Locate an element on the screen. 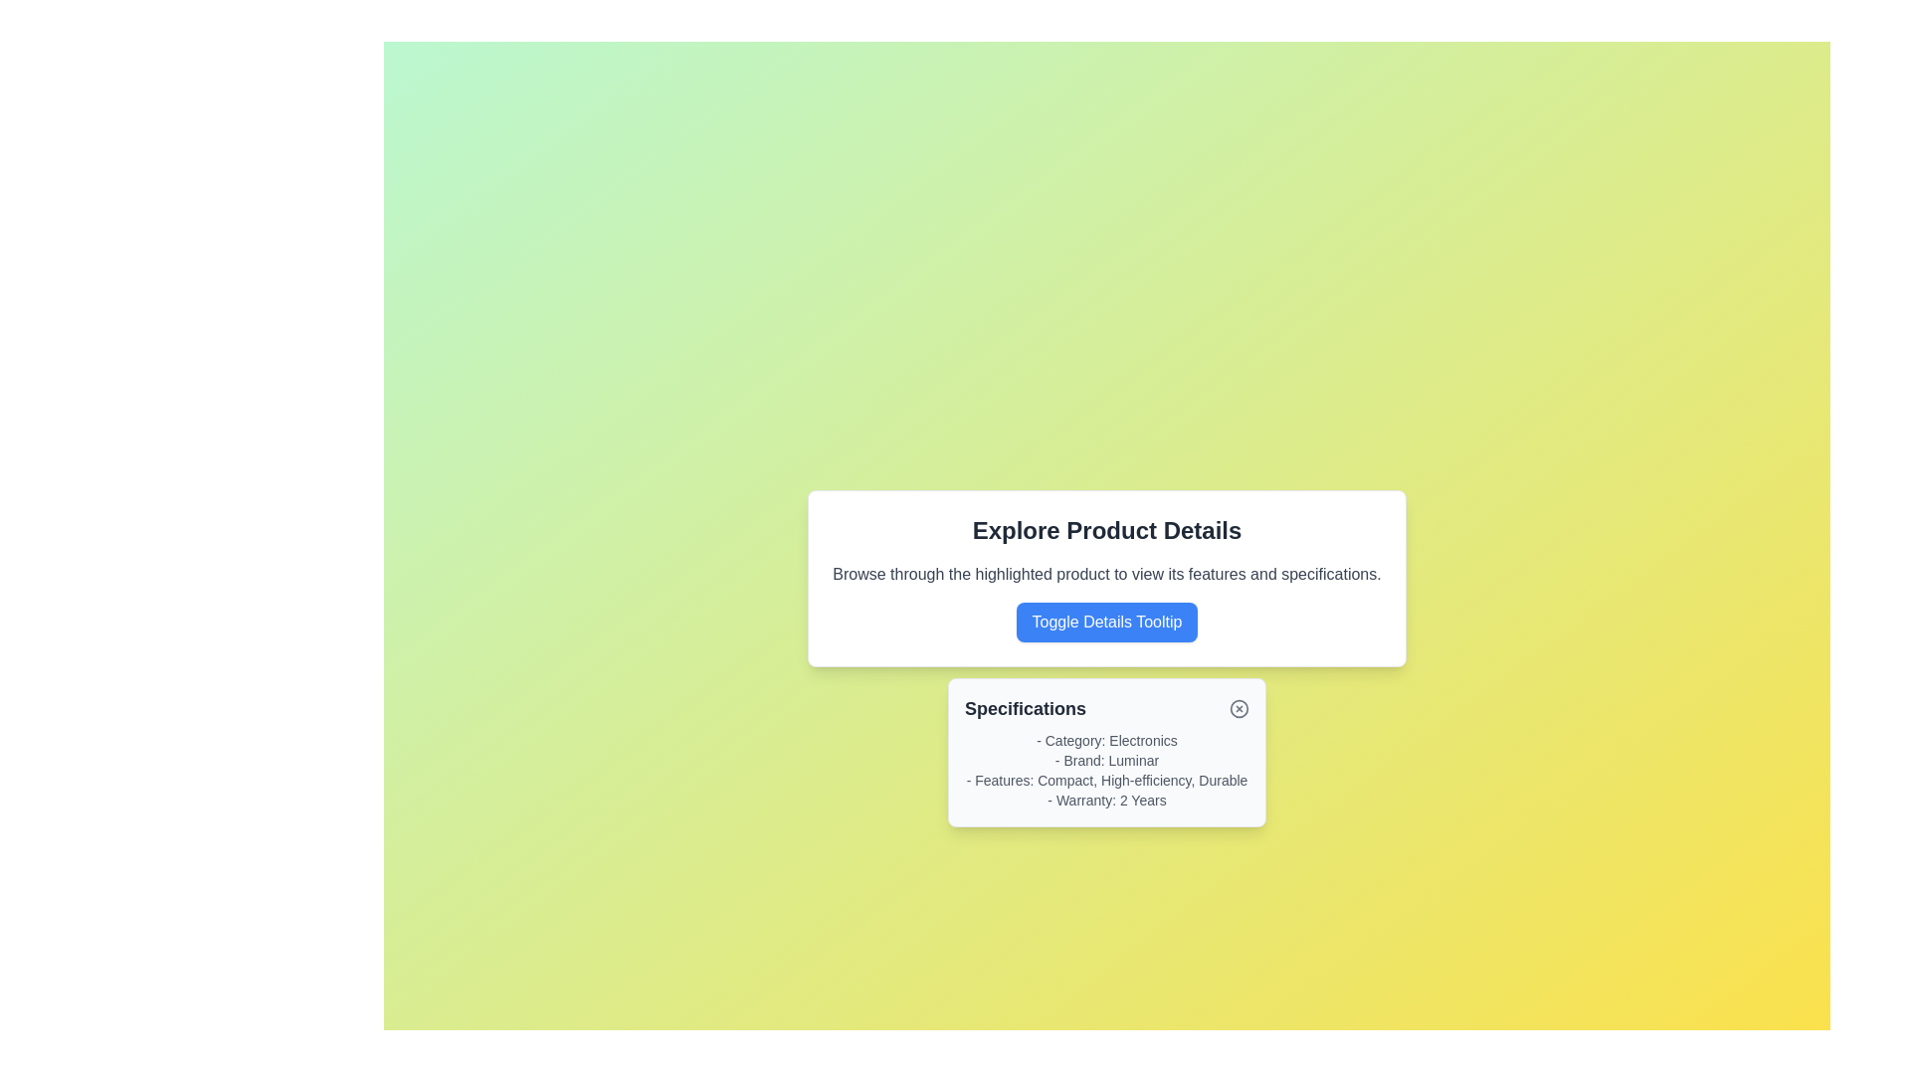  the small gray circle button with an 'X' in the center, located in the top-right corner of the 'Specifications' card to change its color to a darker gray is located at coordinates (1239, 708).